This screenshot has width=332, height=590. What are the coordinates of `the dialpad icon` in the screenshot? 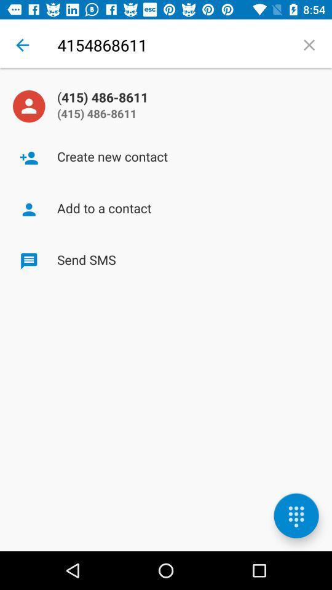 It's located at (296, 516).